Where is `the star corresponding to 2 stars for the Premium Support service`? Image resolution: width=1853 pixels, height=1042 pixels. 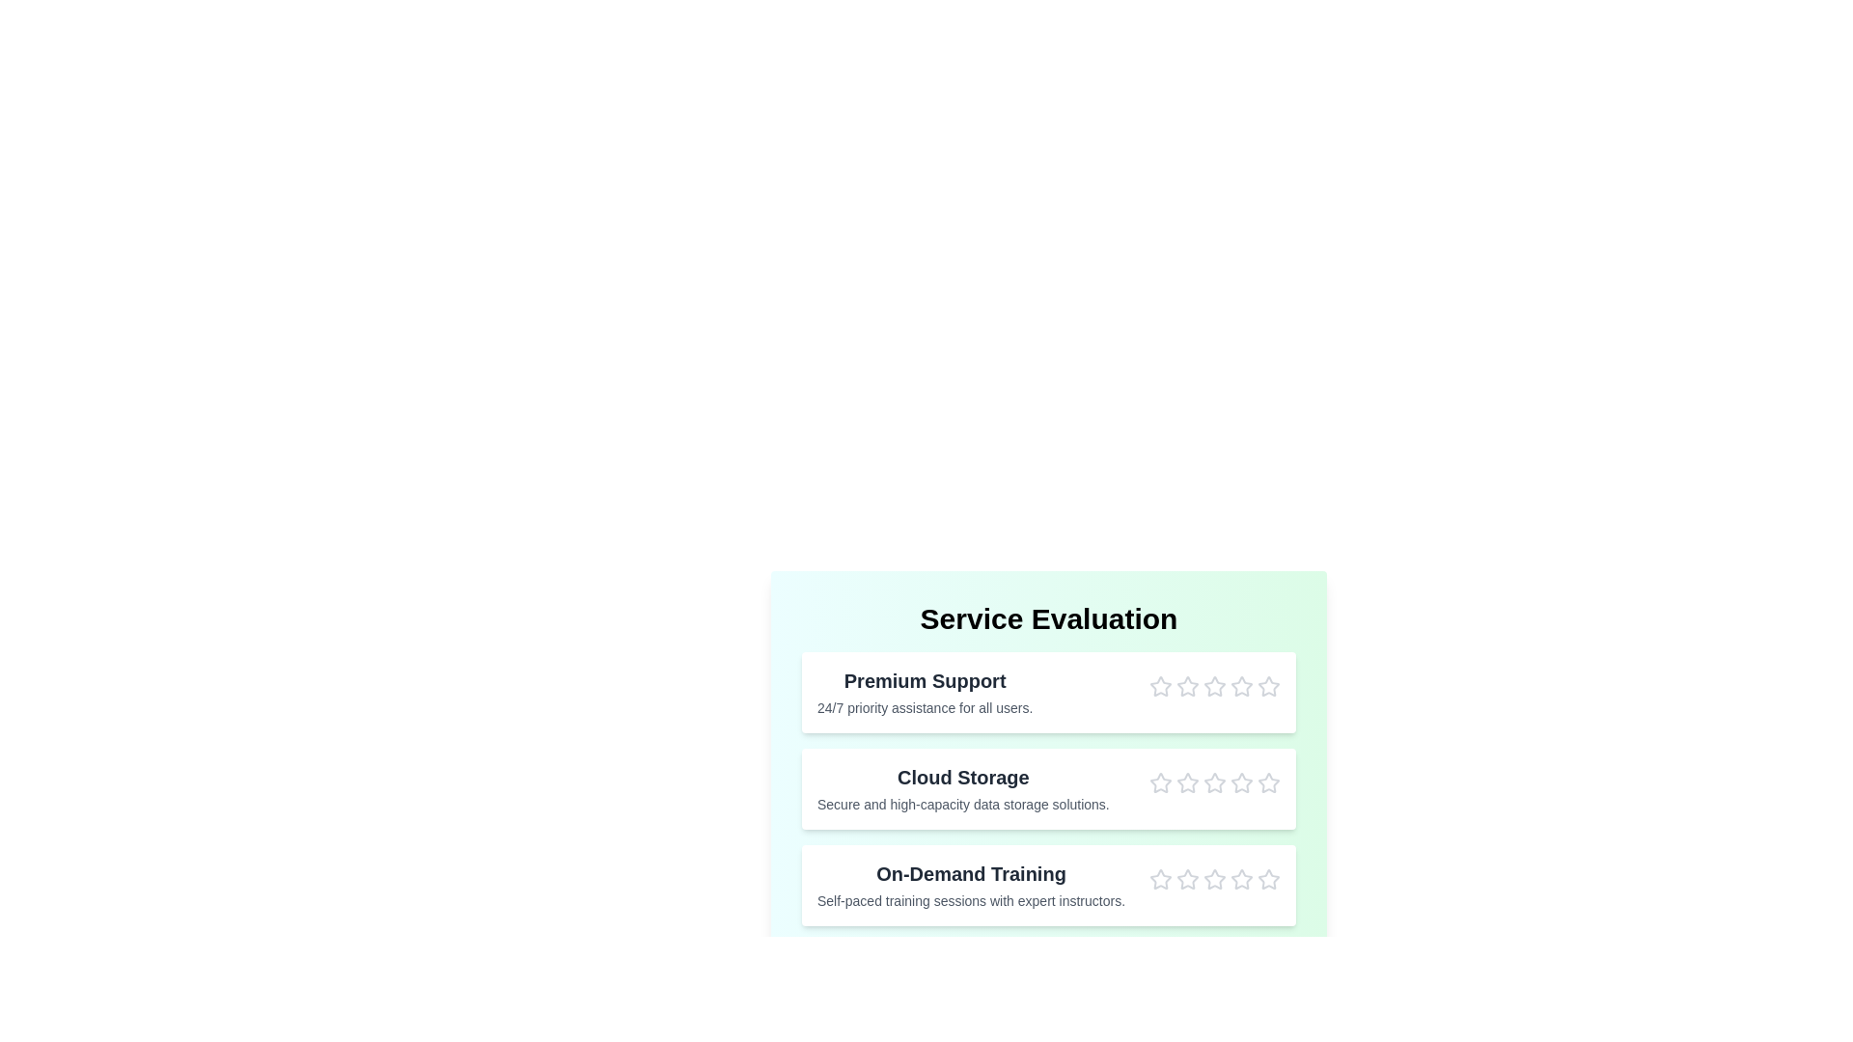 the star corresponding to 2 stars for the Premium Support service is located at coordinates (1186, 686).